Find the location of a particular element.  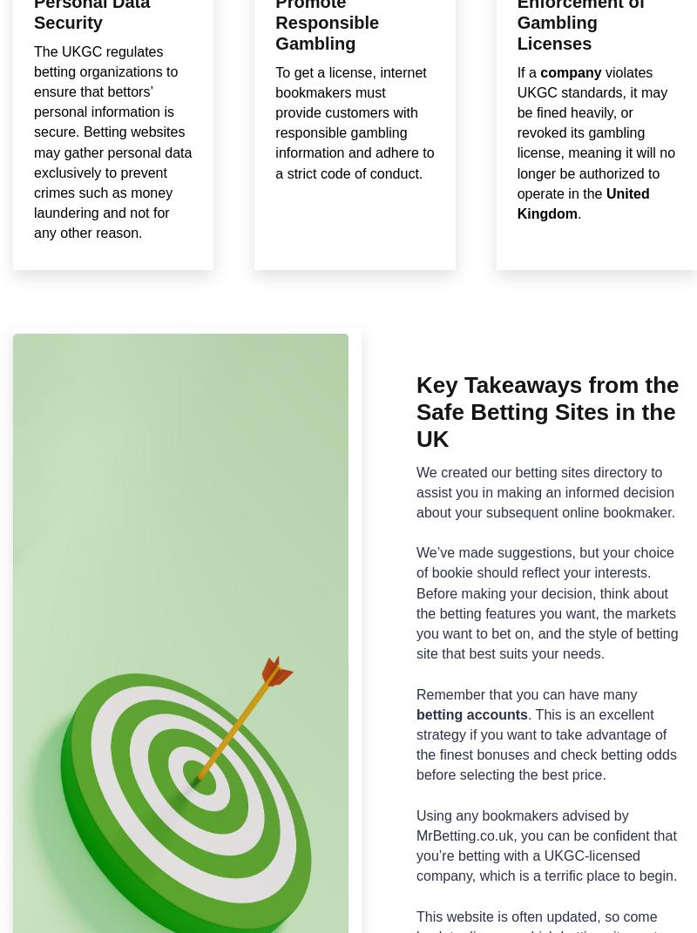

'We’ve made suggestions, but your choice of bookie should reflect your interests. Before making your decision, think about the betting features you want, the markets you want to bet on, and the style of betting site that best suits your needs.' is located at coordinates (547, 603).